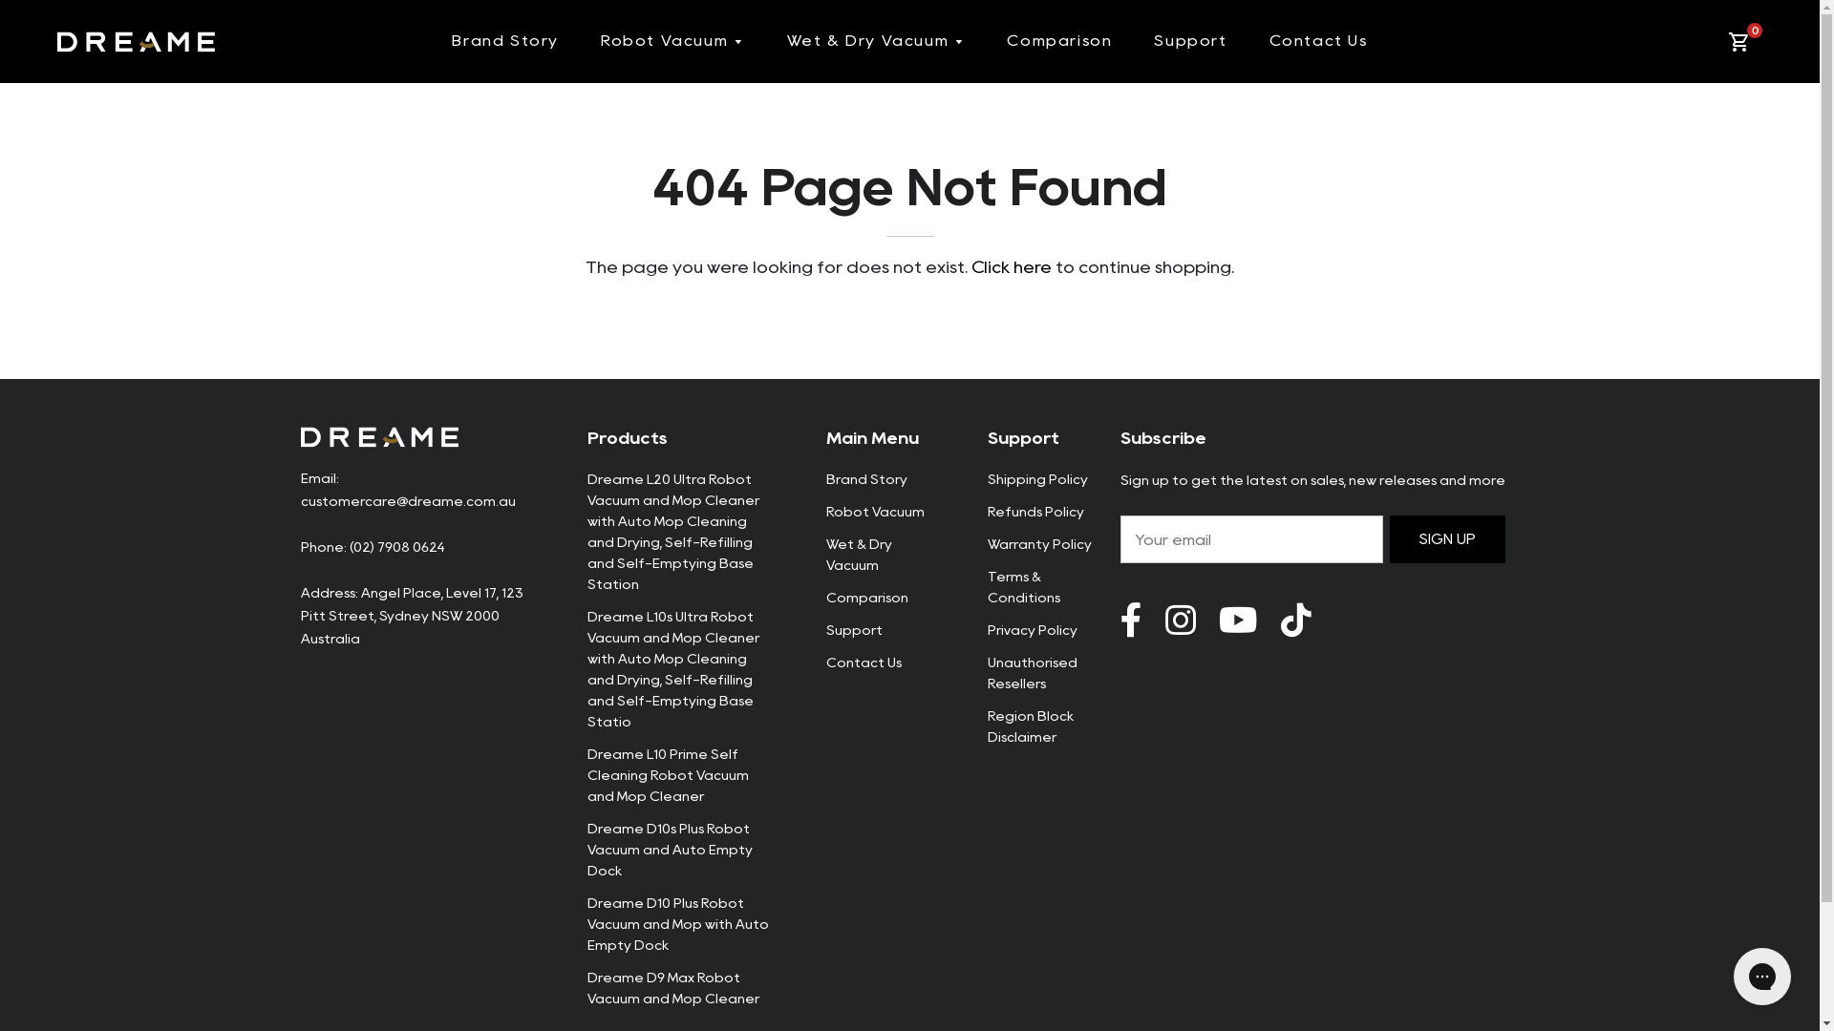  What do you see at coordinates (1742, 41) in the screenshot?
I see `'CART` at bounding box center [1742, 41].